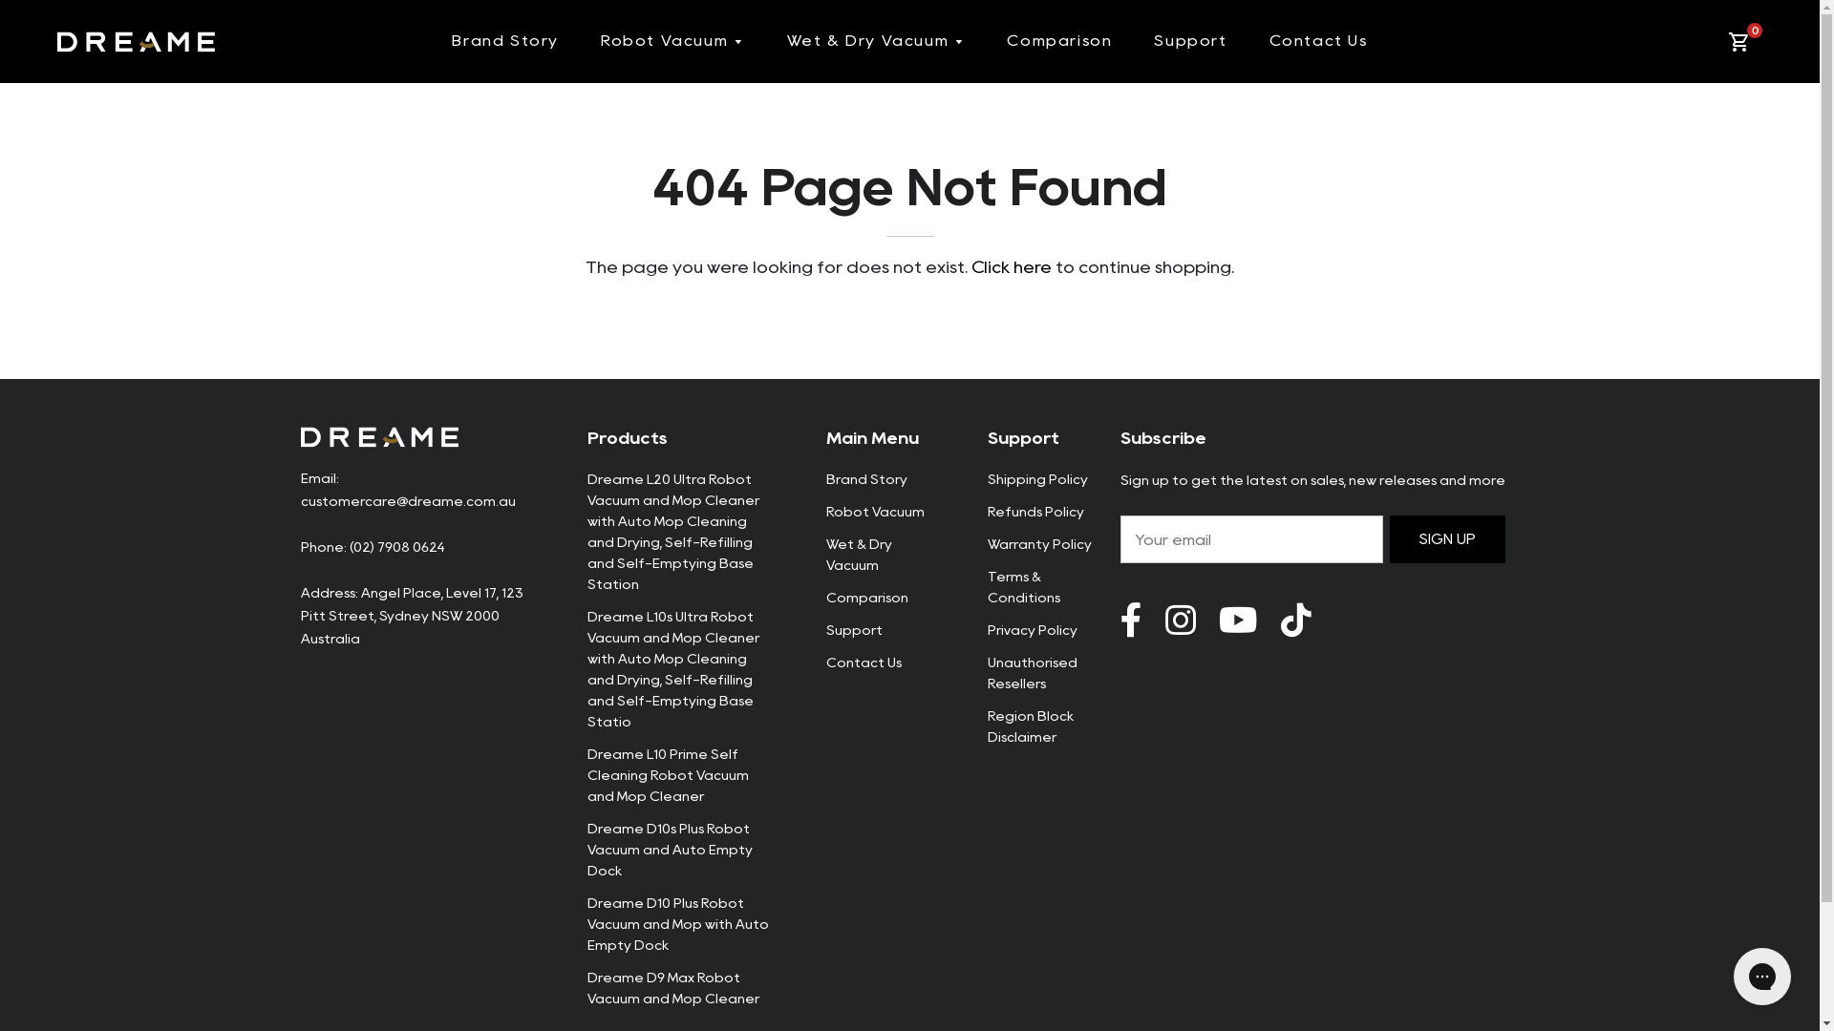  What do you see at coordinates (1742, 41) in the screenshot?
I see `'CART` at bounding box center [1742, 41].